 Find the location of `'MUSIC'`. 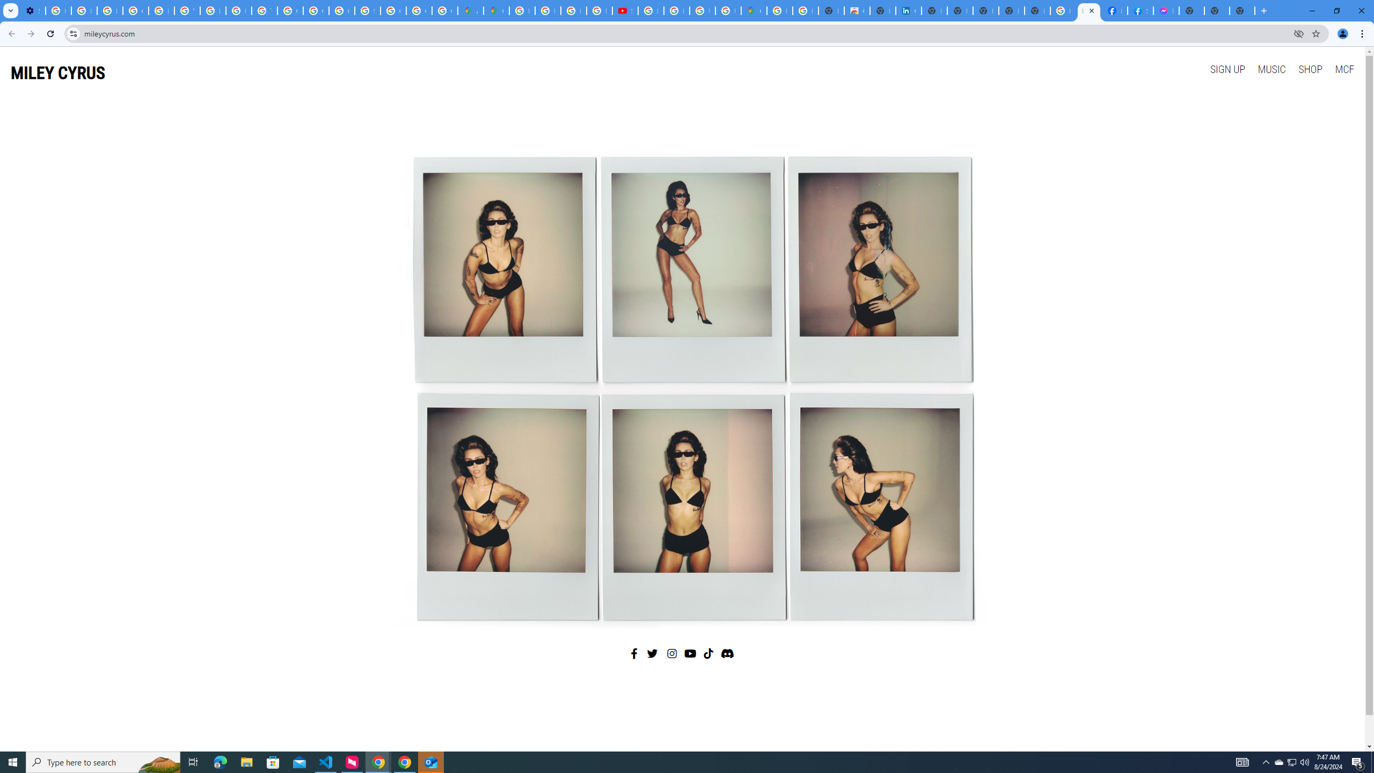

'MUSIC' is located at coordinates (1271, 68).